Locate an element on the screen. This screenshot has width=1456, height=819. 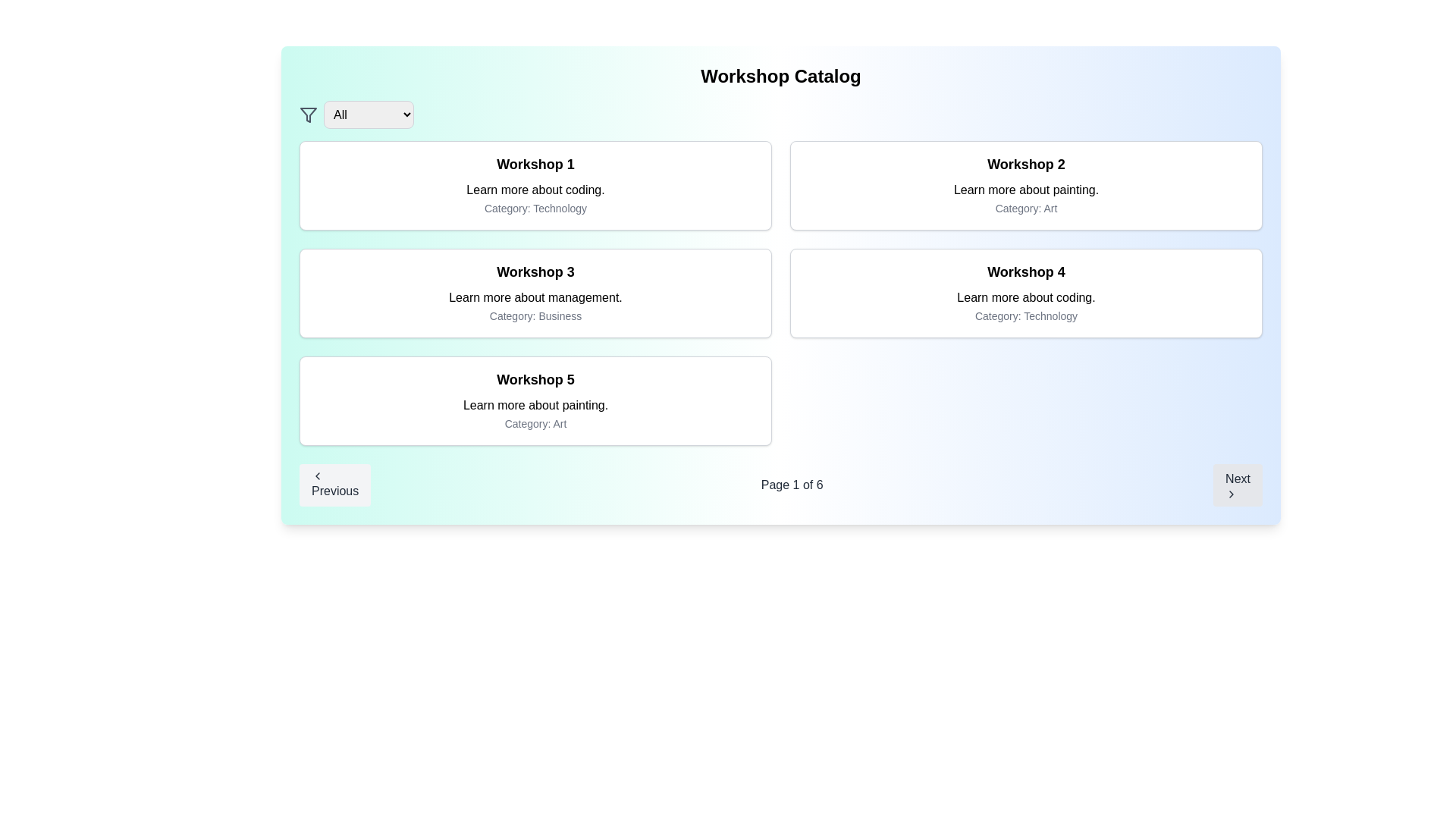
the 'Workshop Catalog' text heading, which is prominently displayed at the top center of the workshop catalog section with a bold font on a gradient background of teal and blue is located at coordinates (781, 76).